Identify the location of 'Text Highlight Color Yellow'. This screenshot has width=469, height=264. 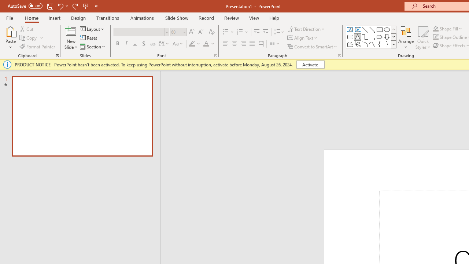
(192, 44).